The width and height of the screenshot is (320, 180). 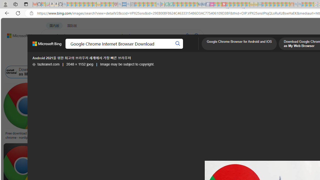 I want to click on 'Image size', so click(x=55, y=59).